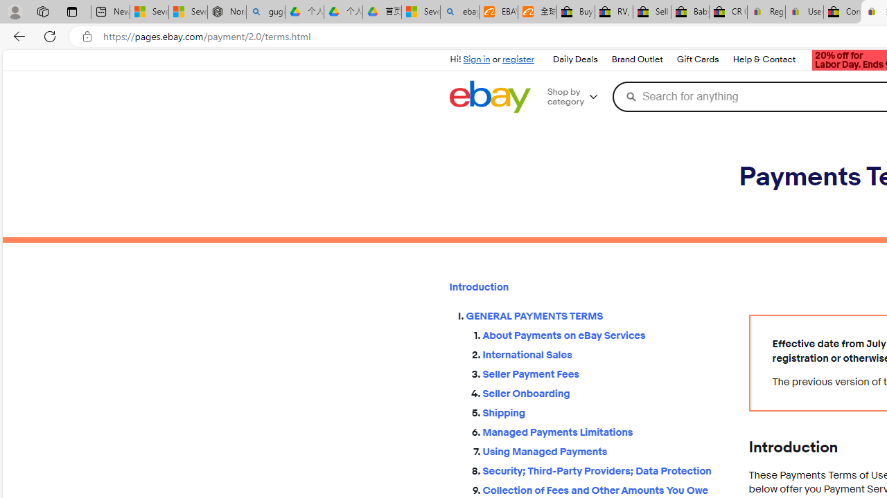  Describe the element at coordinates (489, 96) in the screenshot. I see `'eBay Home'` at that location.